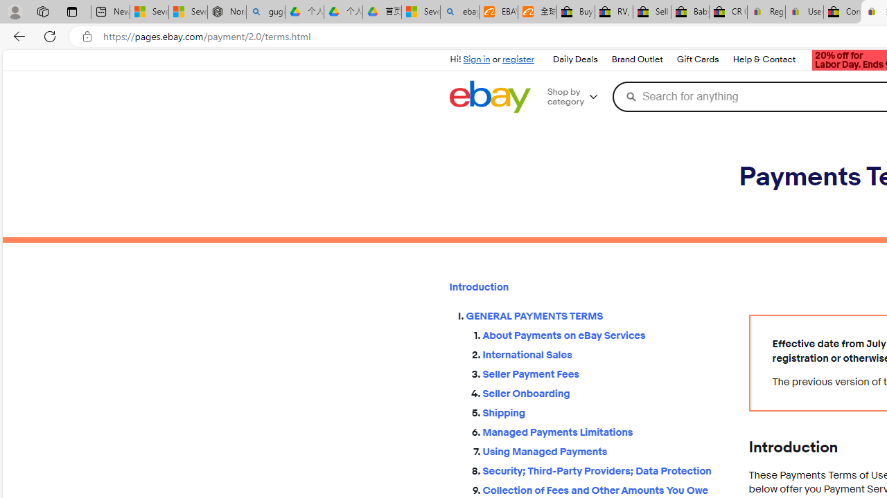  Describe the element at coordinates (489, 96) in the screenshot. I see `'eBay Home'` at that location.